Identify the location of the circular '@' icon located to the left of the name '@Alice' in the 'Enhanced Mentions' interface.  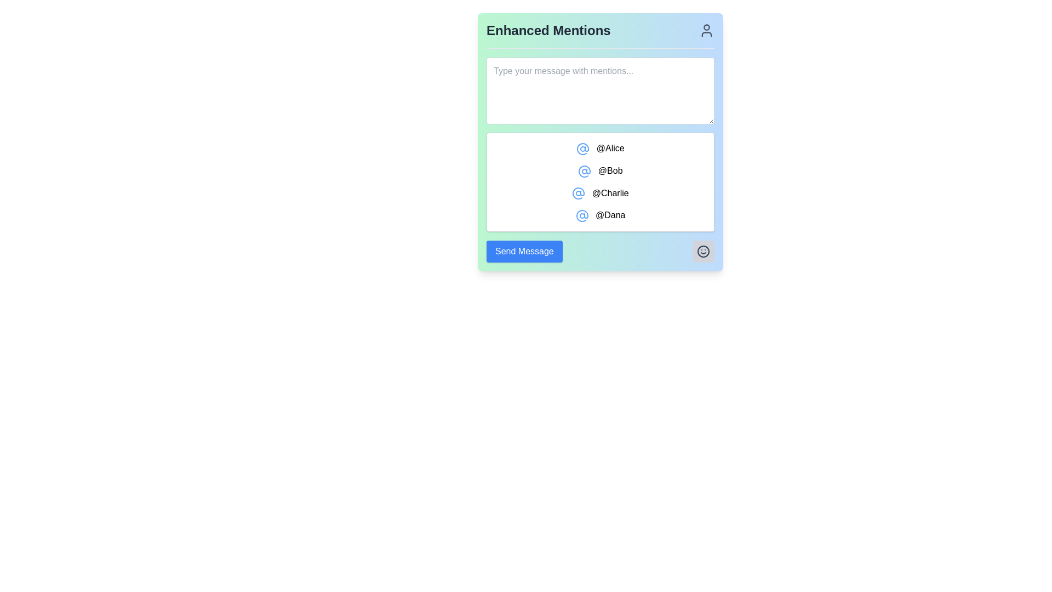
(582, 149).